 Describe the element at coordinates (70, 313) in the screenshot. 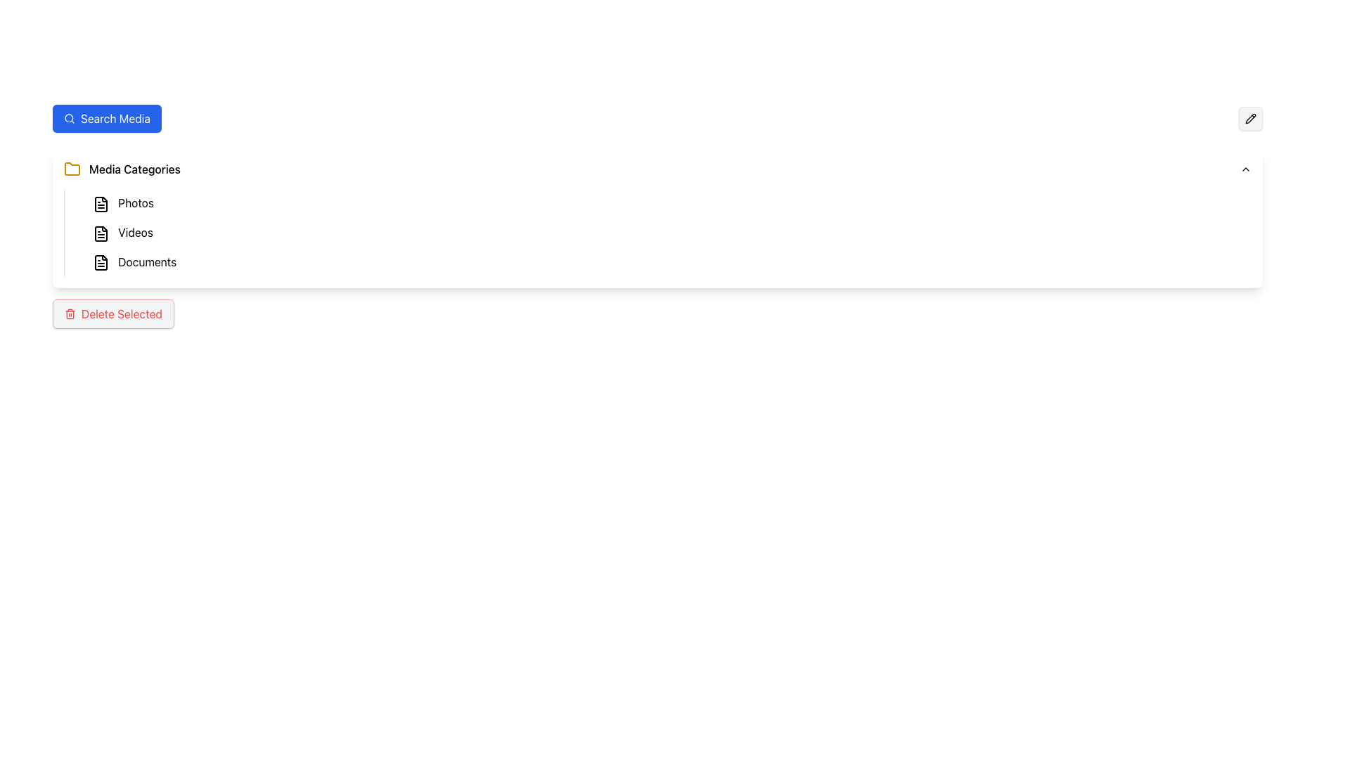

I see `the red trash can icon indicating delete functionality, which is positioned to the left of the 'Delete Selected' text at the bottom of the interface` at that location.